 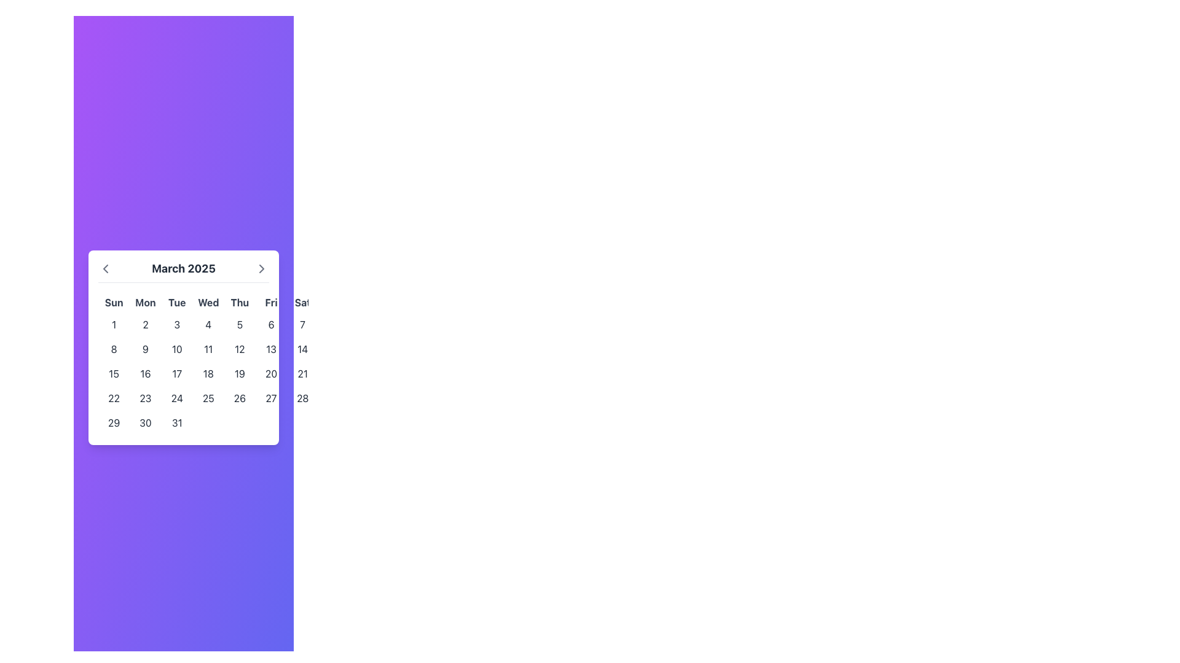 What do you see at coordinates (145, 373) in the screenshot?
I see `the clickable text displaying the number '16' located near the bottom of the calendar widget` at bounding box center [145, 373].